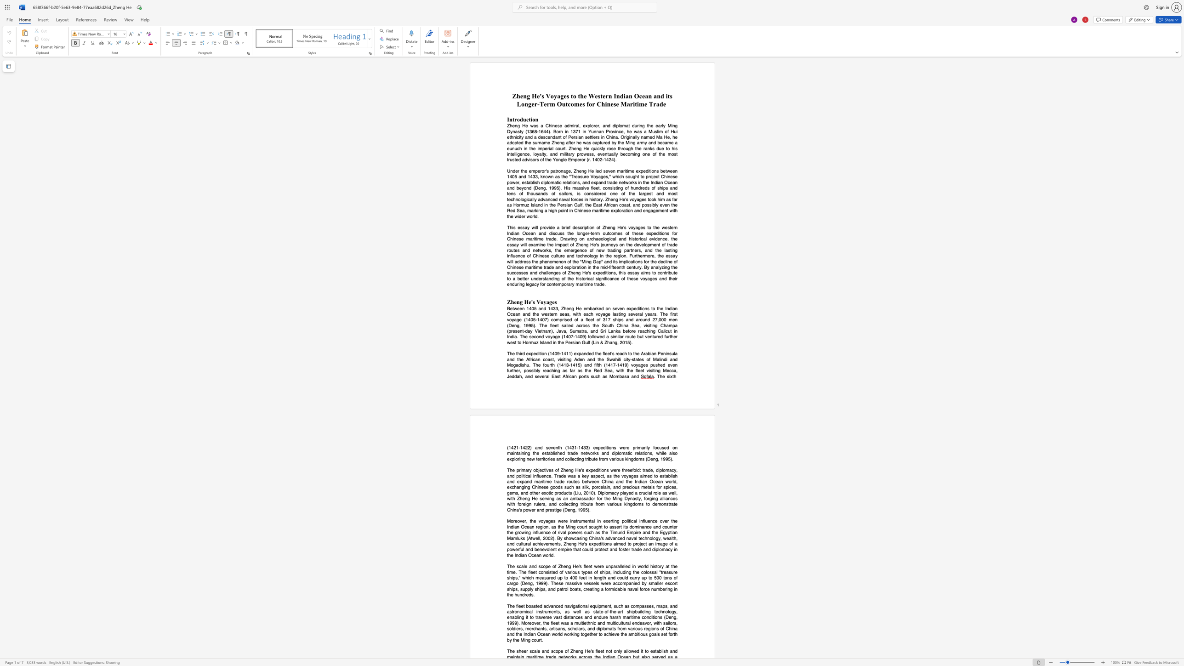  I want to click on the subset text "ur" within the text "The third expedition (1409-1411) expanded the fleet", so click(508, 370).